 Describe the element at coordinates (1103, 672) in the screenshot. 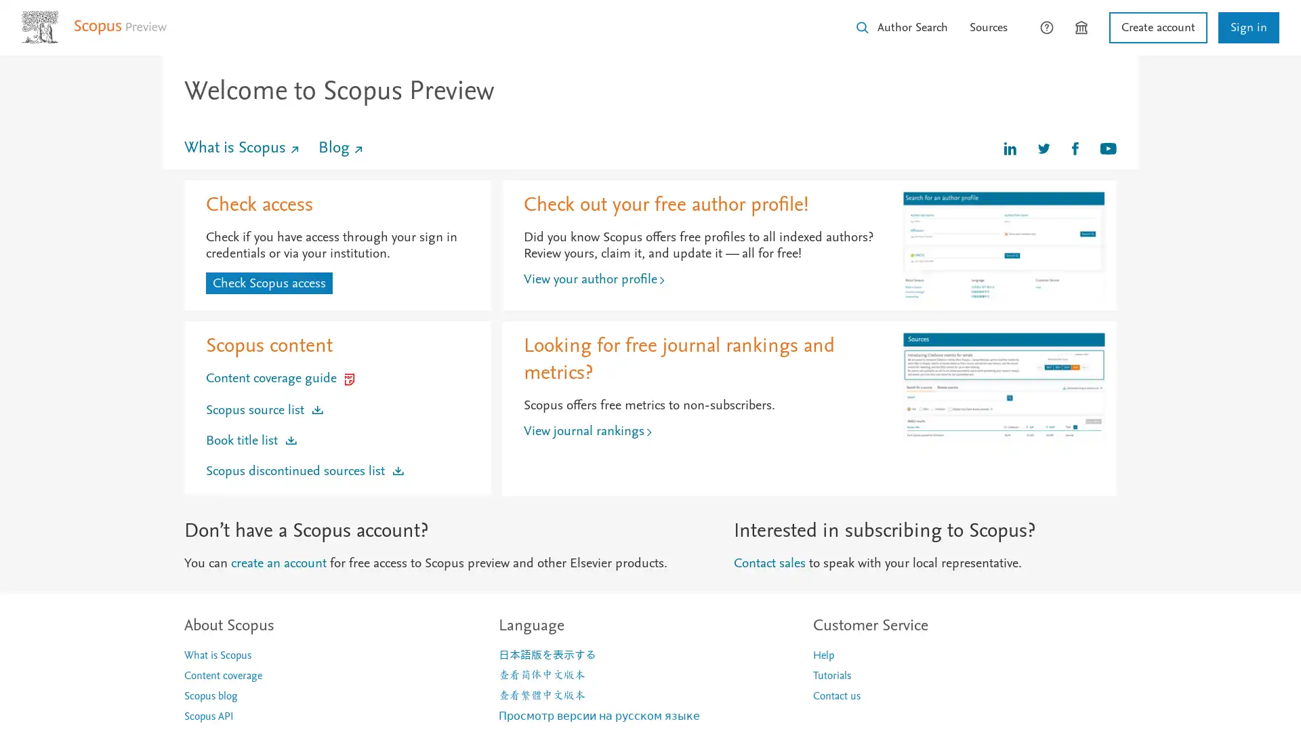

I see `Maybe later` at that location.